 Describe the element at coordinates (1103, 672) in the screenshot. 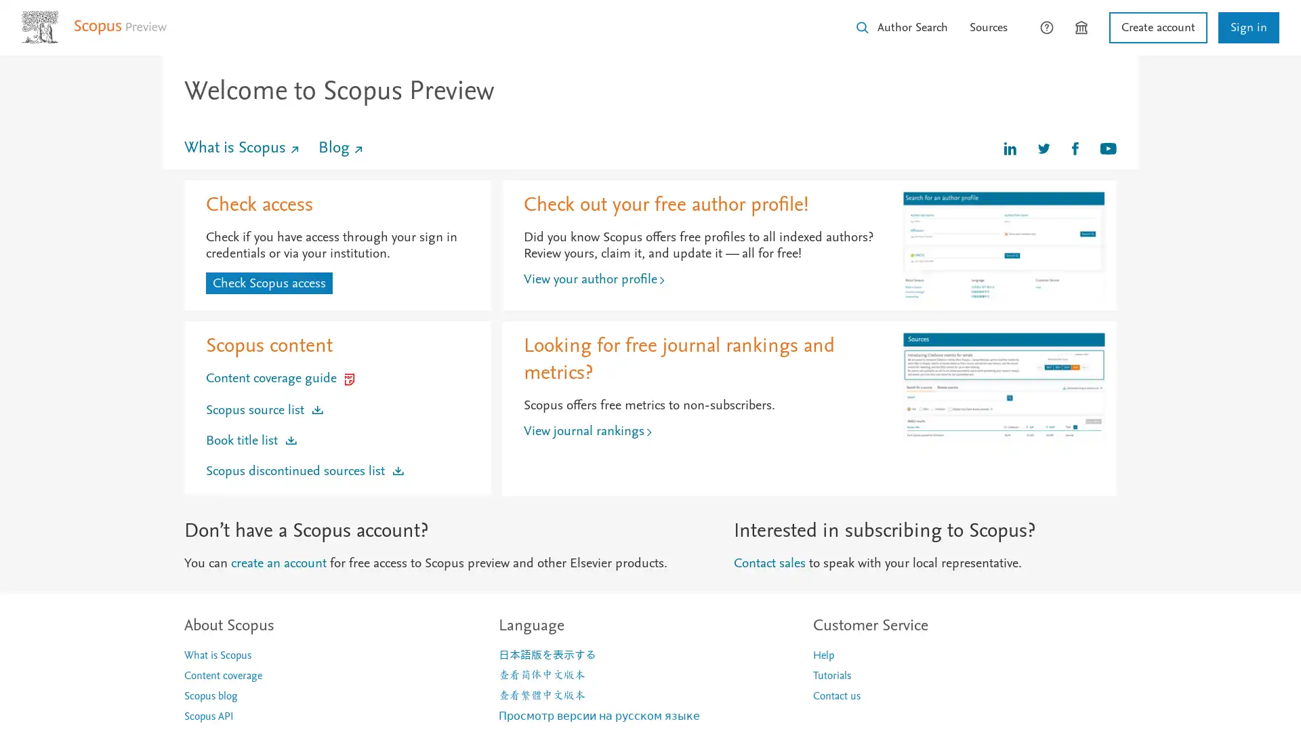

I see `Maybe later` at that location.